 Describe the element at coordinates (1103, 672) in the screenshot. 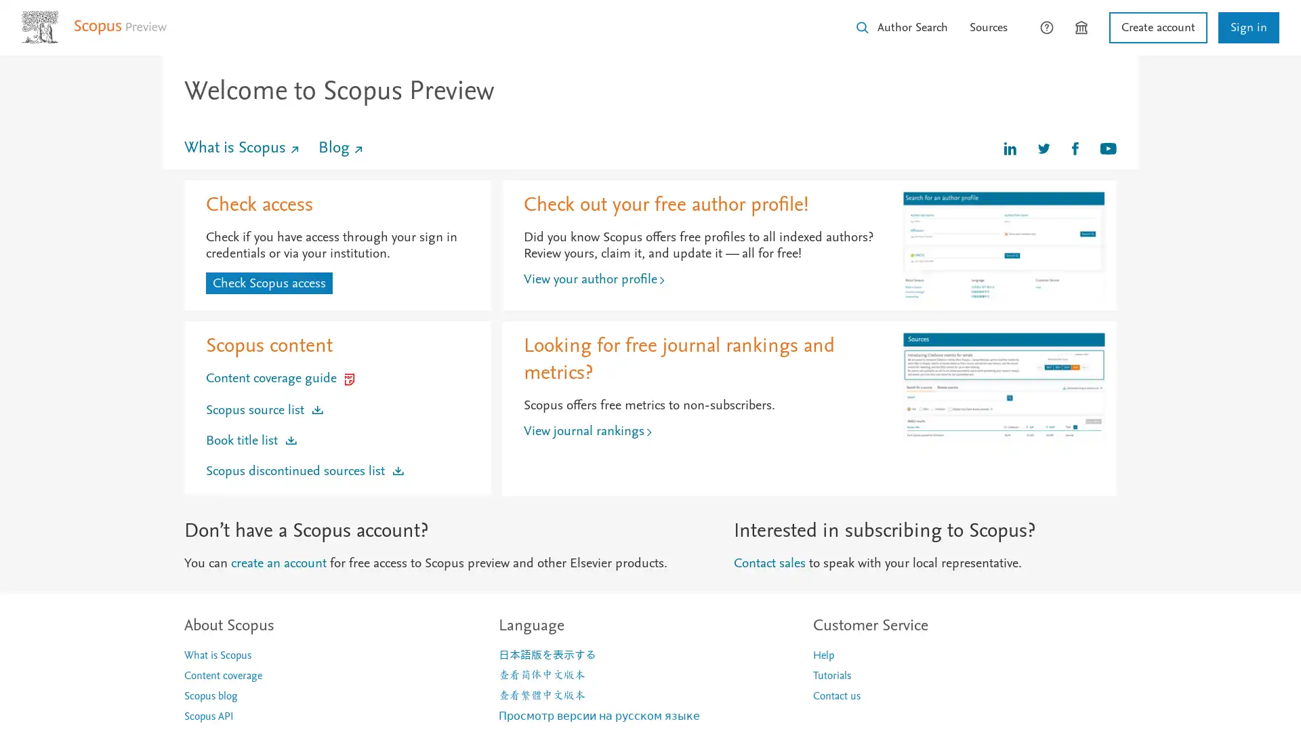

I see `Maybe later` at that location.